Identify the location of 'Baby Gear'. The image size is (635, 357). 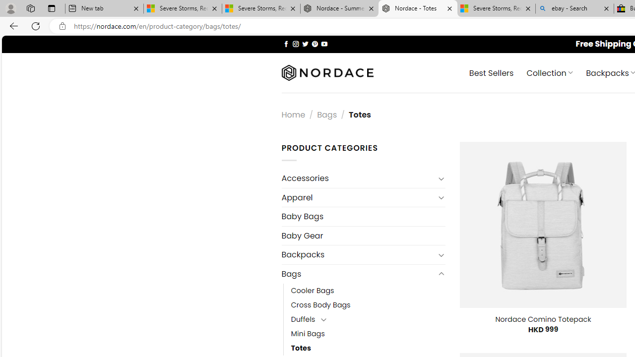
(363, 236).